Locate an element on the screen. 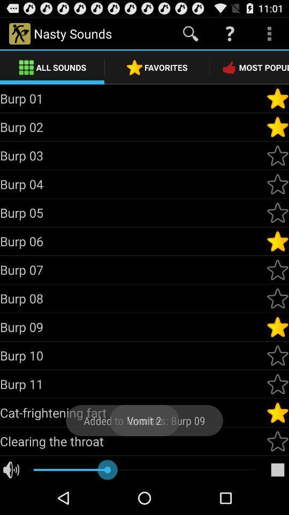  sounds is located at coordinates (277, 355).